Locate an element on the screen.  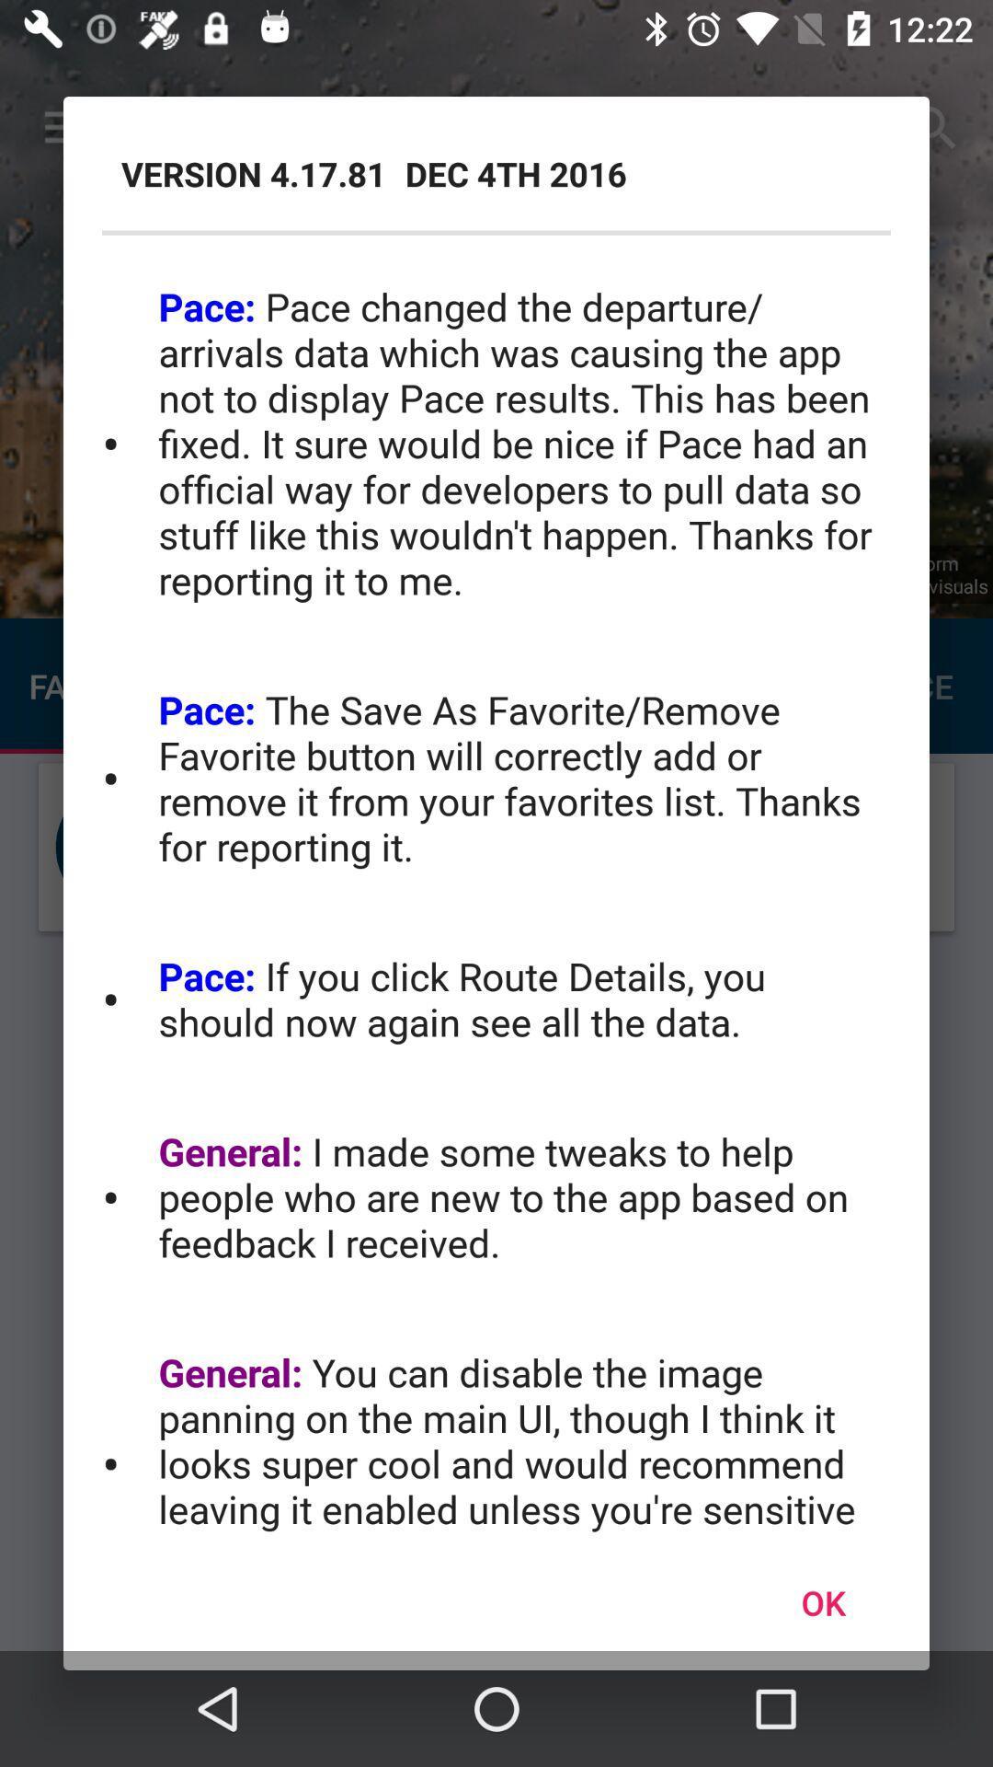
icon below the general you can icon is located at coordinates (822, 1601).